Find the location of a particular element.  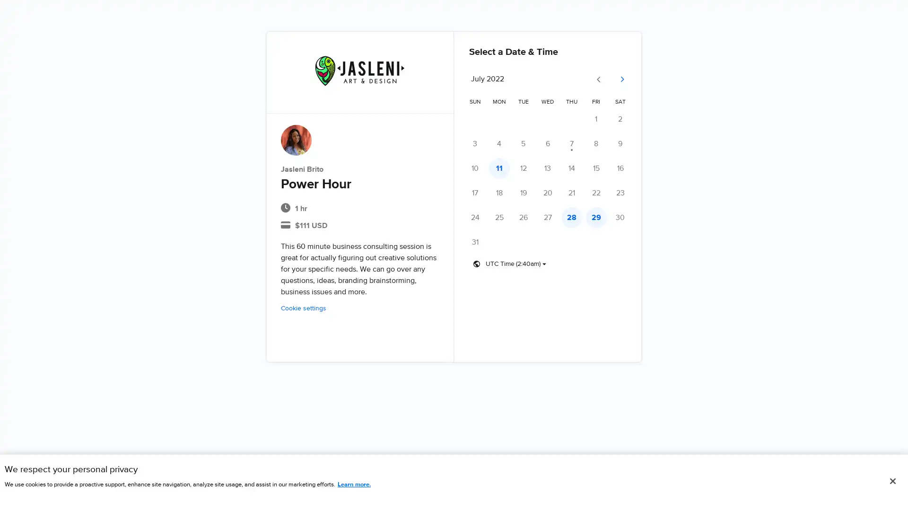

Tuesday, July 5 - No times available is located at coordinates (523, 144).